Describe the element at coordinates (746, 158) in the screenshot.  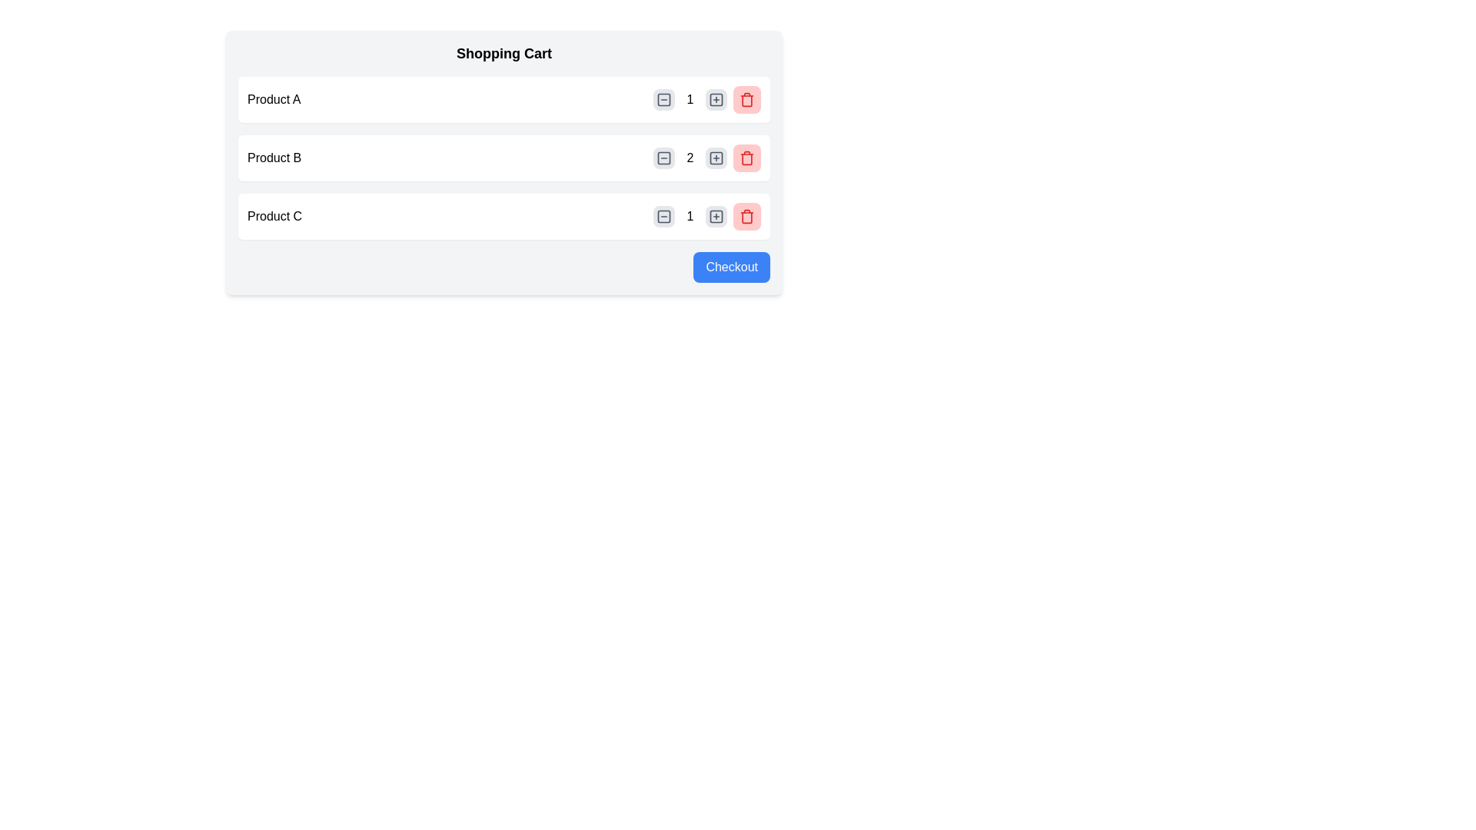
I see `the icon button on the far right of 'Product B' in the shopping cart` at that location.